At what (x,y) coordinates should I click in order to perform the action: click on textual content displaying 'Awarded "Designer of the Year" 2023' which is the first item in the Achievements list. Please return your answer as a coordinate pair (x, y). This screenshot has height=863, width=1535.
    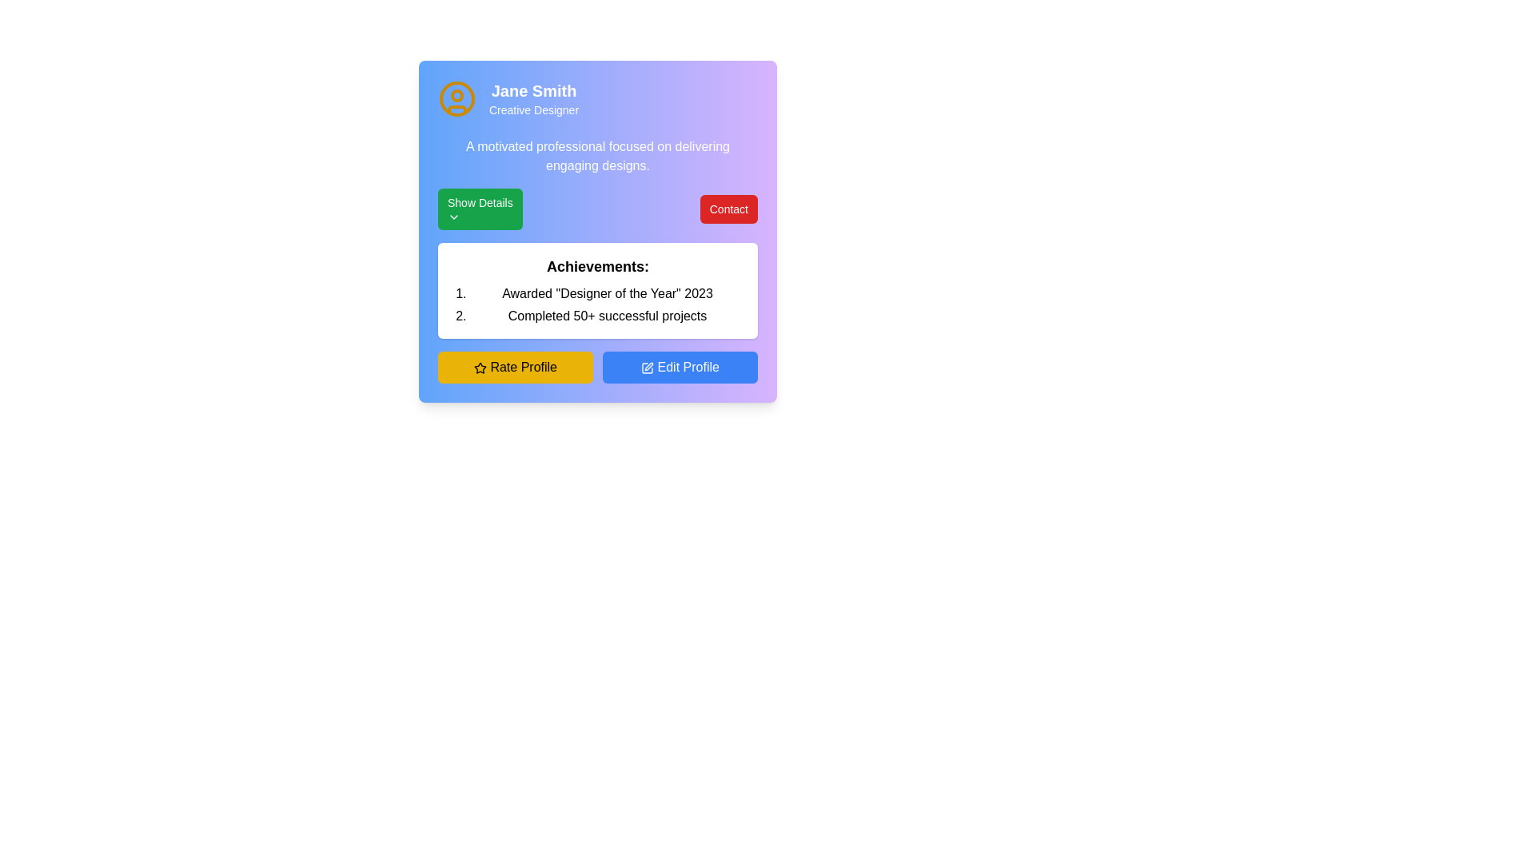
    Looking at the image, I should click on (606, 293).